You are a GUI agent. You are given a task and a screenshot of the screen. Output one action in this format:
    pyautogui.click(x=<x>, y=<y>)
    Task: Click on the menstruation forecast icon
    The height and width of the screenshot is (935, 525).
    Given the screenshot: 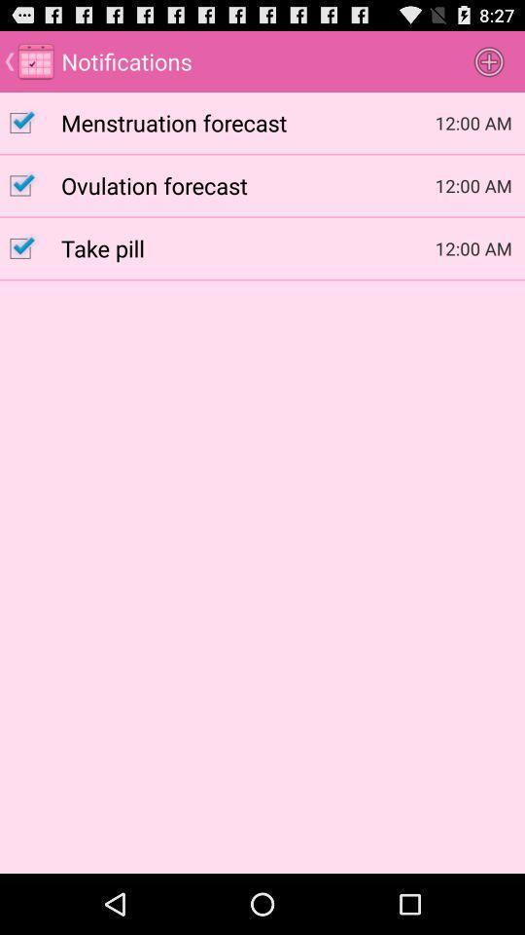 What is the action you would take?
    pyautogui.click(x=248, y=121)
    